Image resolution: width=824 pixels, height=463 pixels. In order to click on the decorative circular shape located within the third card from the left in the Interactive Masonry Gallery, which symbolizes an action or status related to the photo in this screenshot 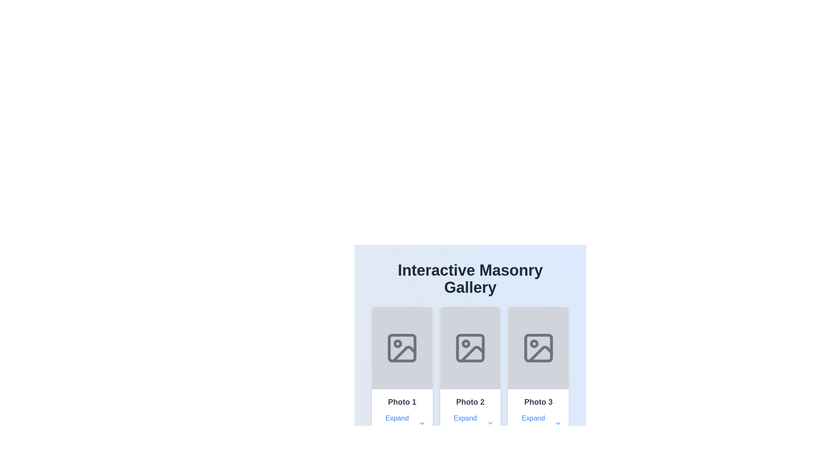, I will do `click(533, 343)`.